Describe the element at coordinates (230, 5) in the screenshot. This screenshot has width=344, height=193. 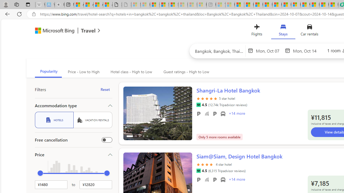
I see `'Marine life - MSN - Sleeping'` at that location.